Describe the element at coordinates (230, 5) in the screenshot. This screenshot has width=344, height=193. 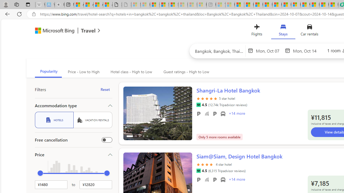
I see `'Marine life - MSN - Sleeping'` at that location.